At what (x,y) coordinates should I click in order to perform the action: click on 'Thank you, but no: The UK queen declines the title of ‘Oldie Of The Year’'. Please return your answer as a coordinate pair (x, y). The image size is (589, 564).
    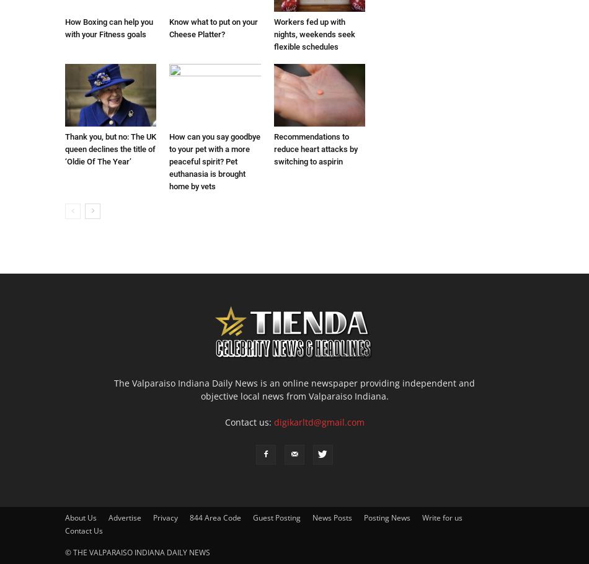
    Looking at the image, I should click on (110, 148).